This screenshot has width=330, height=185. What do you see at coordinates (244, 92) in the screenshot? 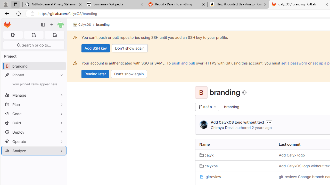
I see `'Class: s16 icon'` at bounding box center [244, 92].